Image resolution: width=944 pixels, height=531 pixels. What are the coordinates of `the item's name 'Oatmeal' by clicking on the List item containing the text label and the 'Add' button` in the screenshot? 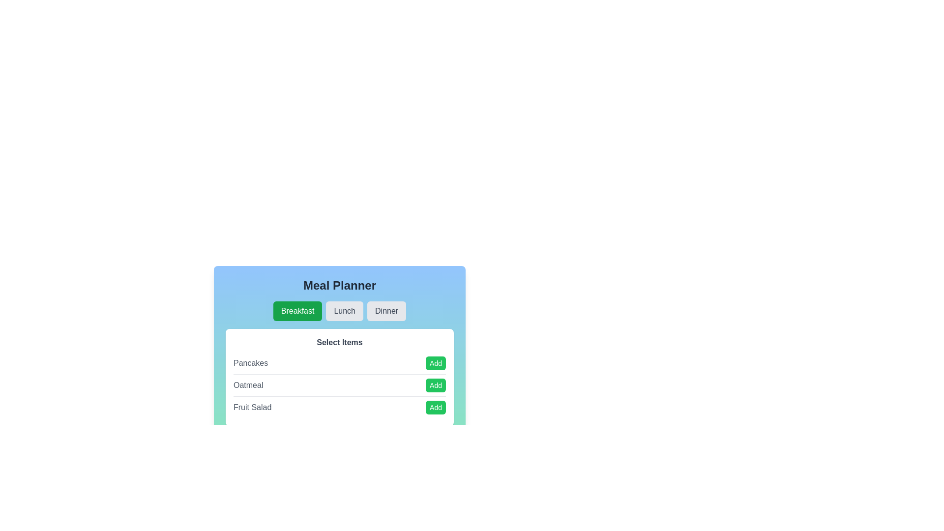 It's located at (340, 384).